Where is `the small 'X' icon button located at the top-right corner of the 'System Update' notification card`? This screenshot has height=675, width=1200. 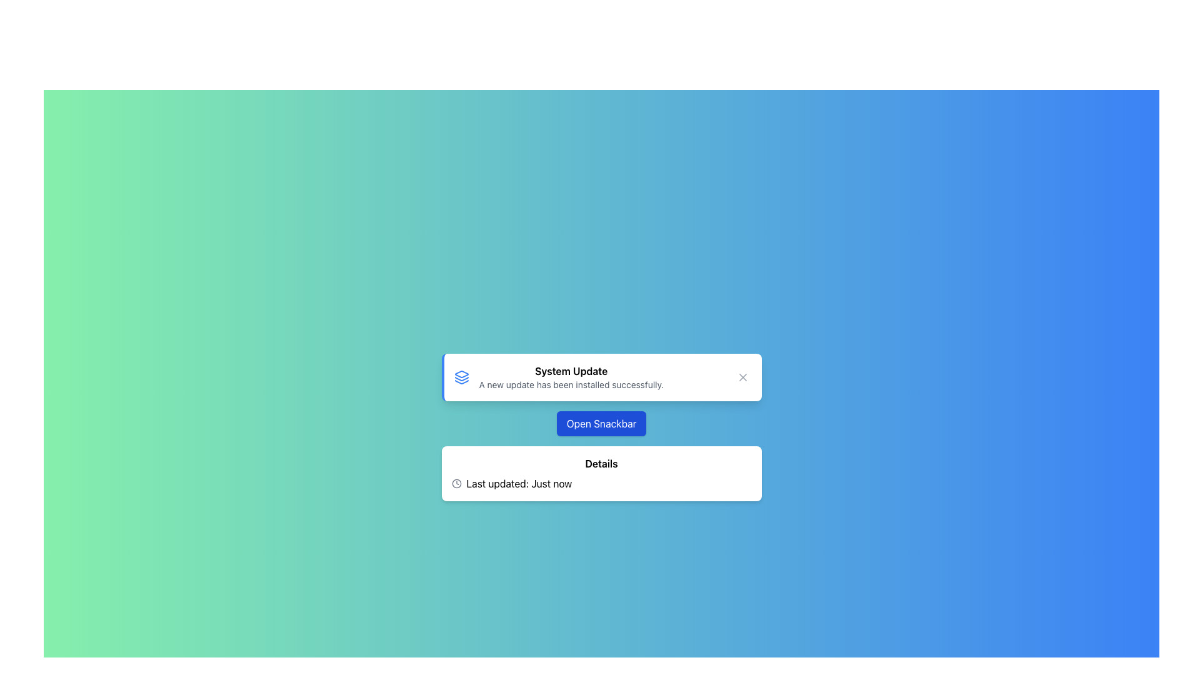 the small 'X' icon button located at the top-right corner of the 'System Update' notification card is located at coordinates (742, 377).